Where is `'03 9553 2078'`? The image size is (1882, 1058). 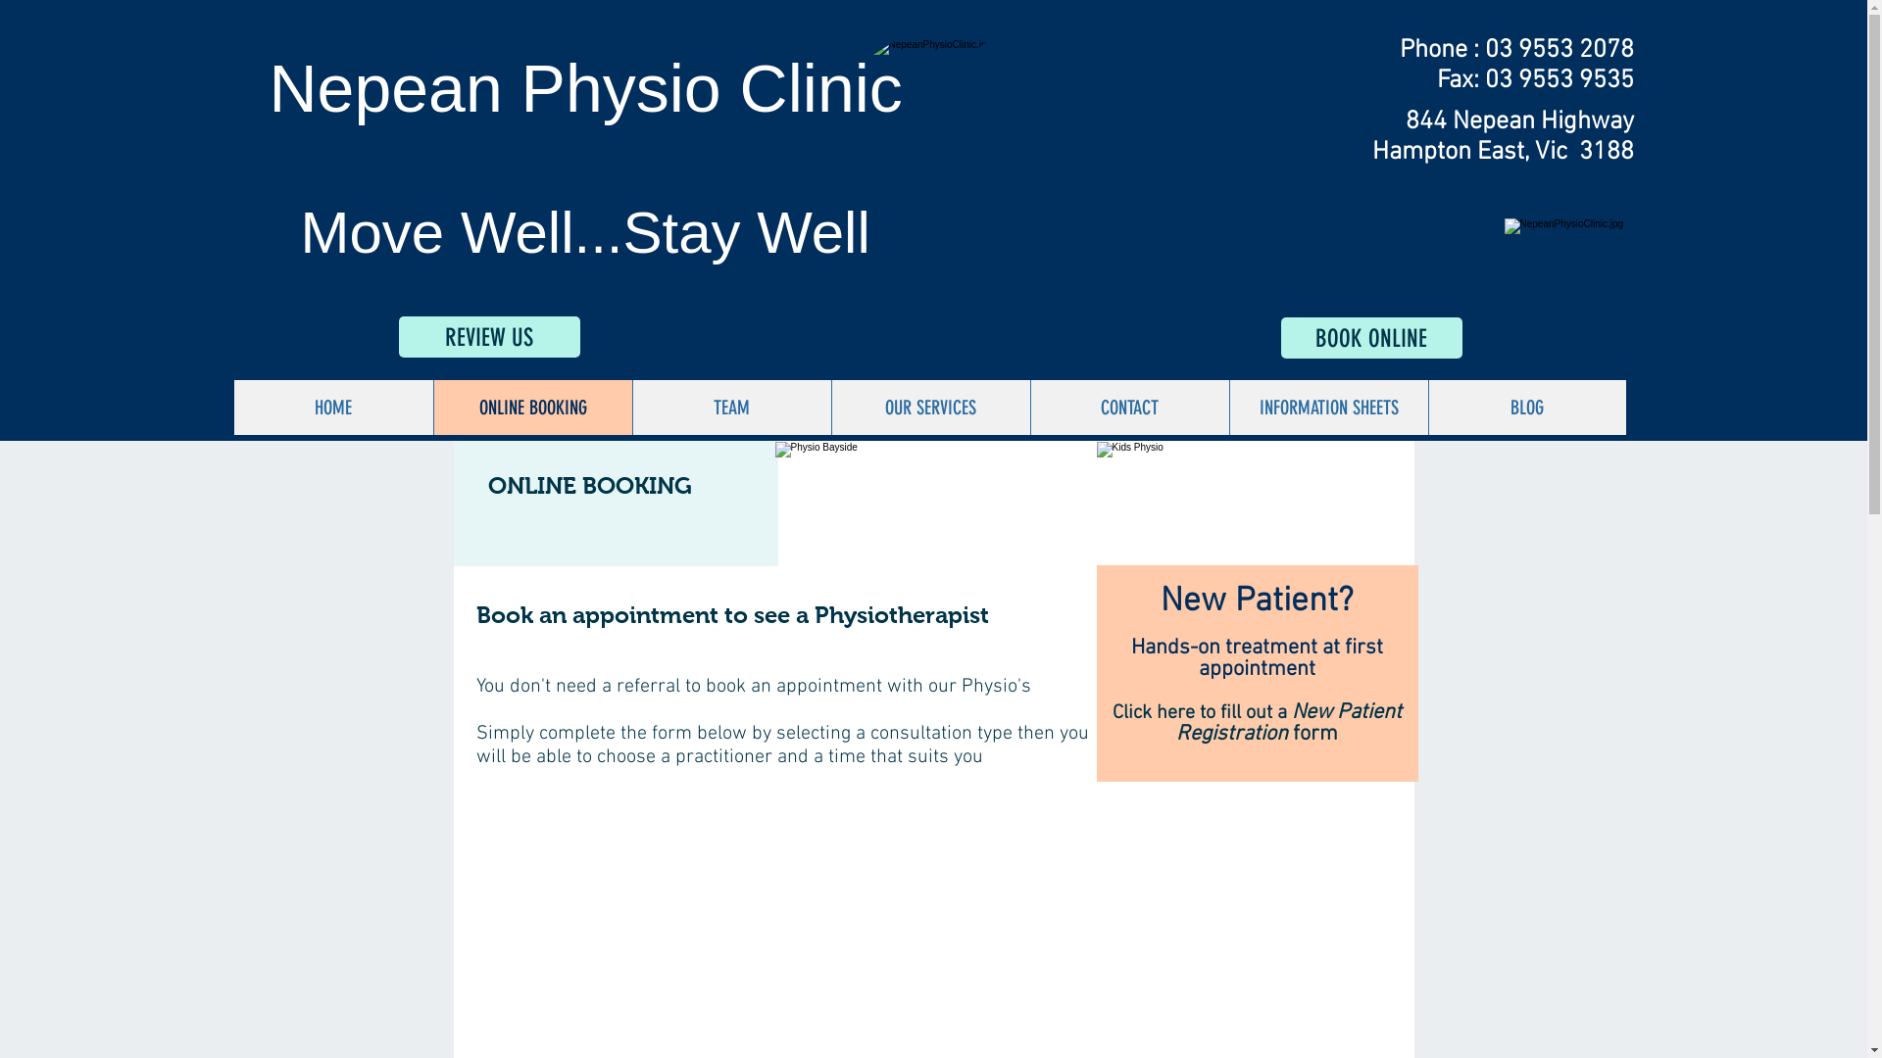
'03 9553 2078' is located at coordinates (1557, 49).